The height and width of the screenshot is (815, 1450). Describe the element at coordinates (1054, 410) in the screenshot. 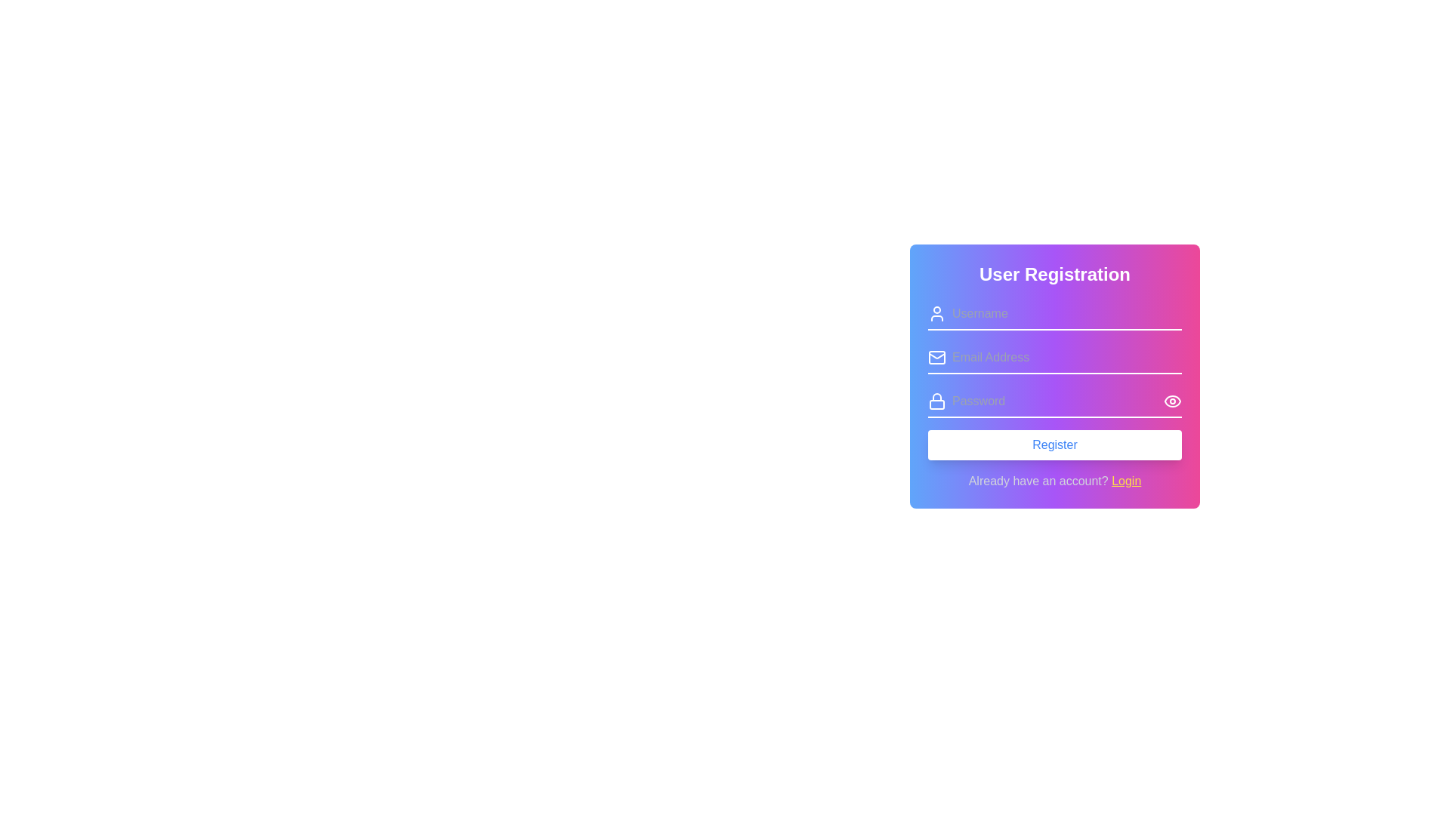

I see `the input field in the user registration modal form to enter text` at that location.